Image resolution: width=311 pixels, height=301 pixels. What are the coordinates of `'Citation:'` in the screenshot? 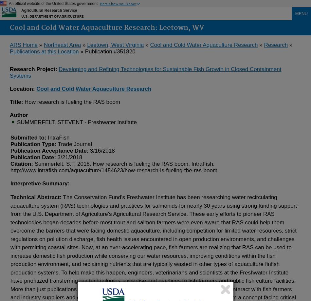 It's located at (22, 163).